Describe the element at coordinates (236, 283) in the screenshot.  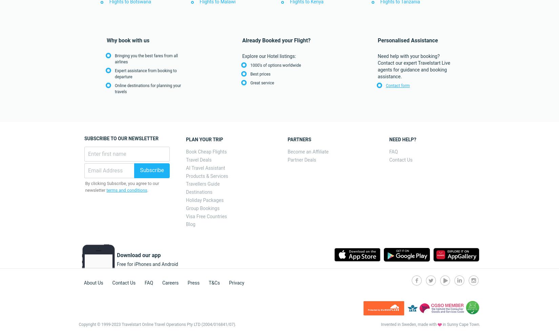
I see `'Privacy'` at that location.